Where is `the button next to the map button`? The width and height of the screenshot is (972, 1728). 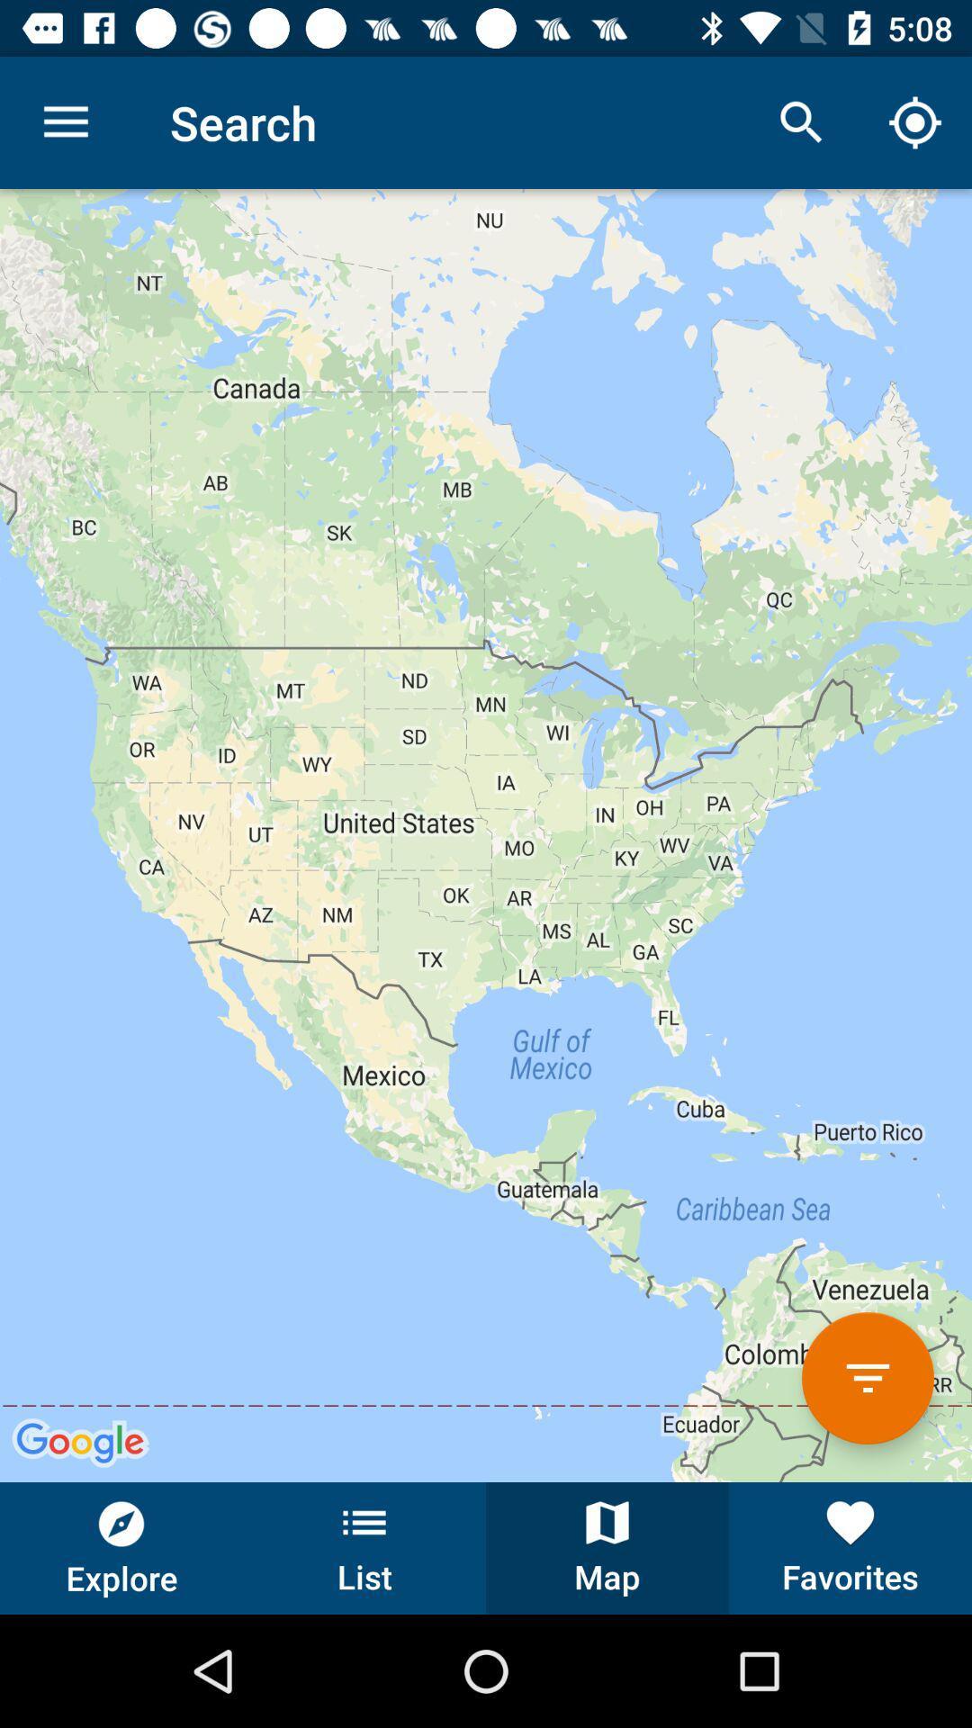 the button next to the map button is located at coordinates (364, 1547).